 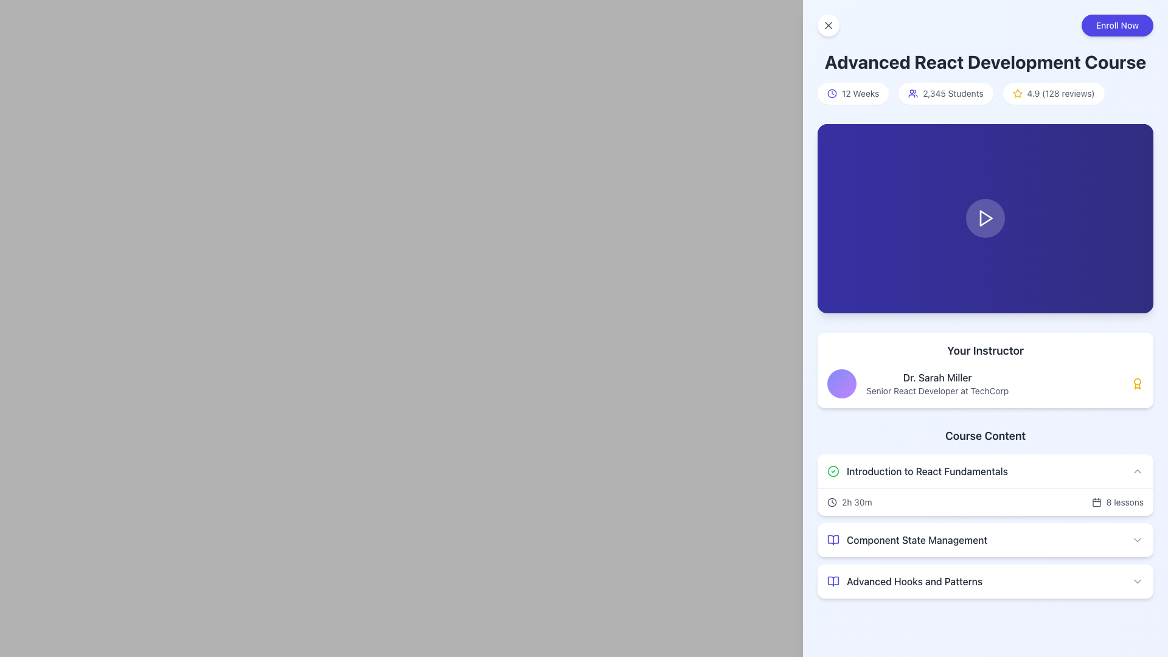 I want to click on the text and clock icon displaying '2h 30m' located in the 'Introduction to React Fundamentals' section of the 'Course Content', positioned to the left of '8 lessons', so click(x=849, y=502).